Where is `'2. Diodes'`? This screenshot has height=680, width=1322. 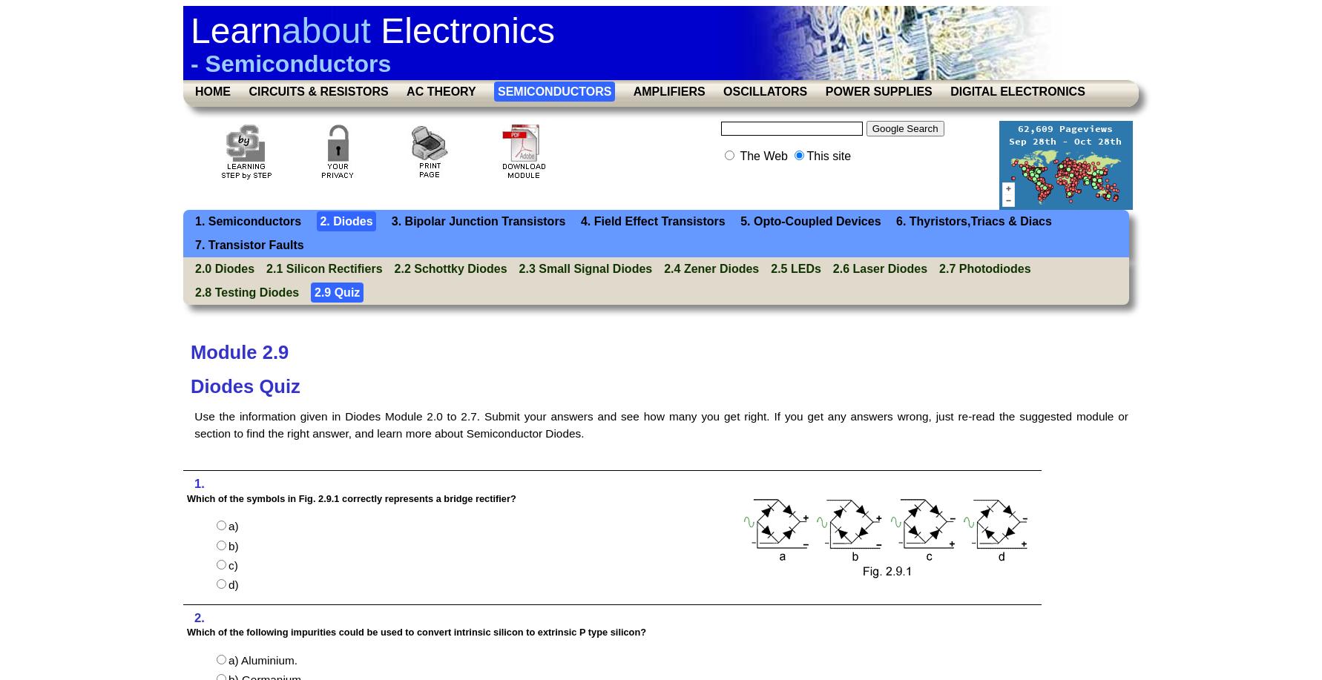 '2. Diodes' is located at coordinates (320, 221).